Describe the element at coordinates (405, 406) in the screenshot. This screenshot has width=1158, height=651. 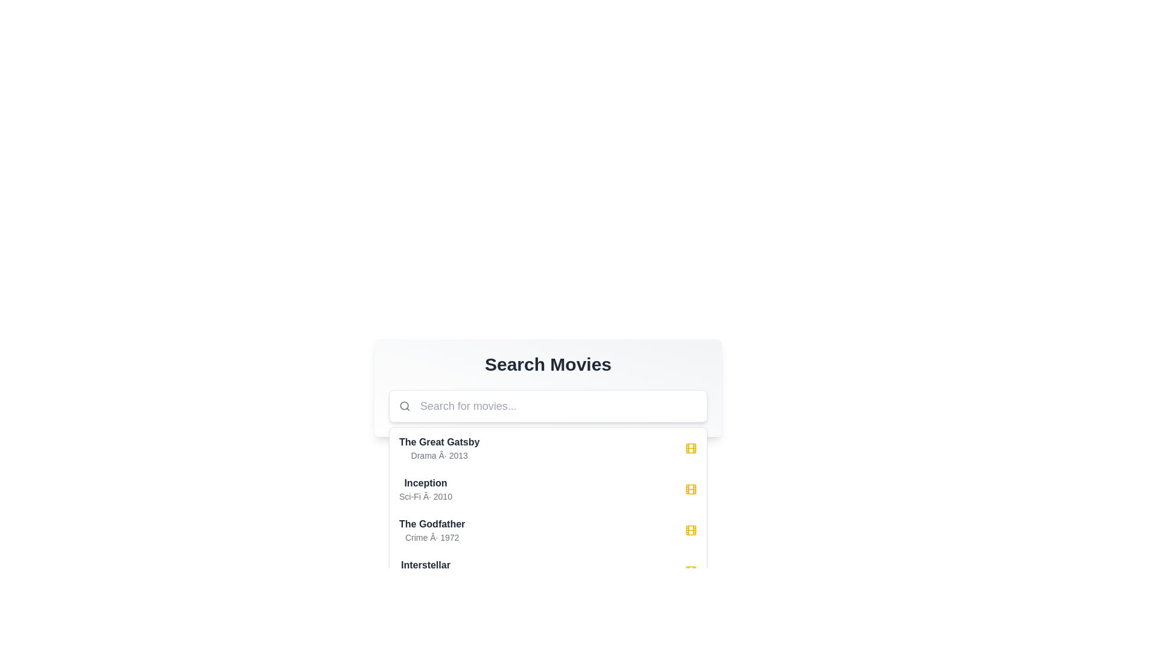
I see `the search icon located at the far left side of the search input component, which signifies the search functionality` at that location.